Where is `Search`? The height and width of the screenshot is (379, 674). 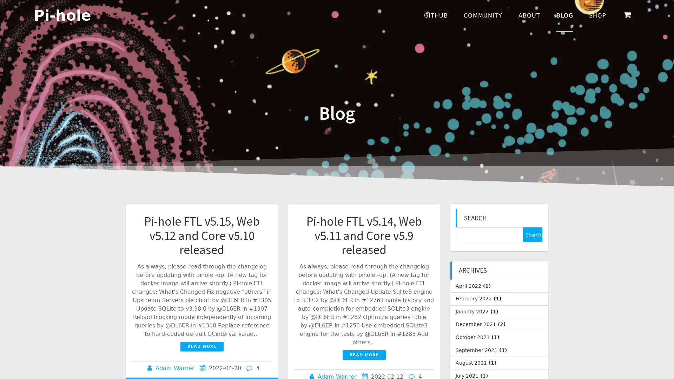 Search is located at coordinates (533, 234).